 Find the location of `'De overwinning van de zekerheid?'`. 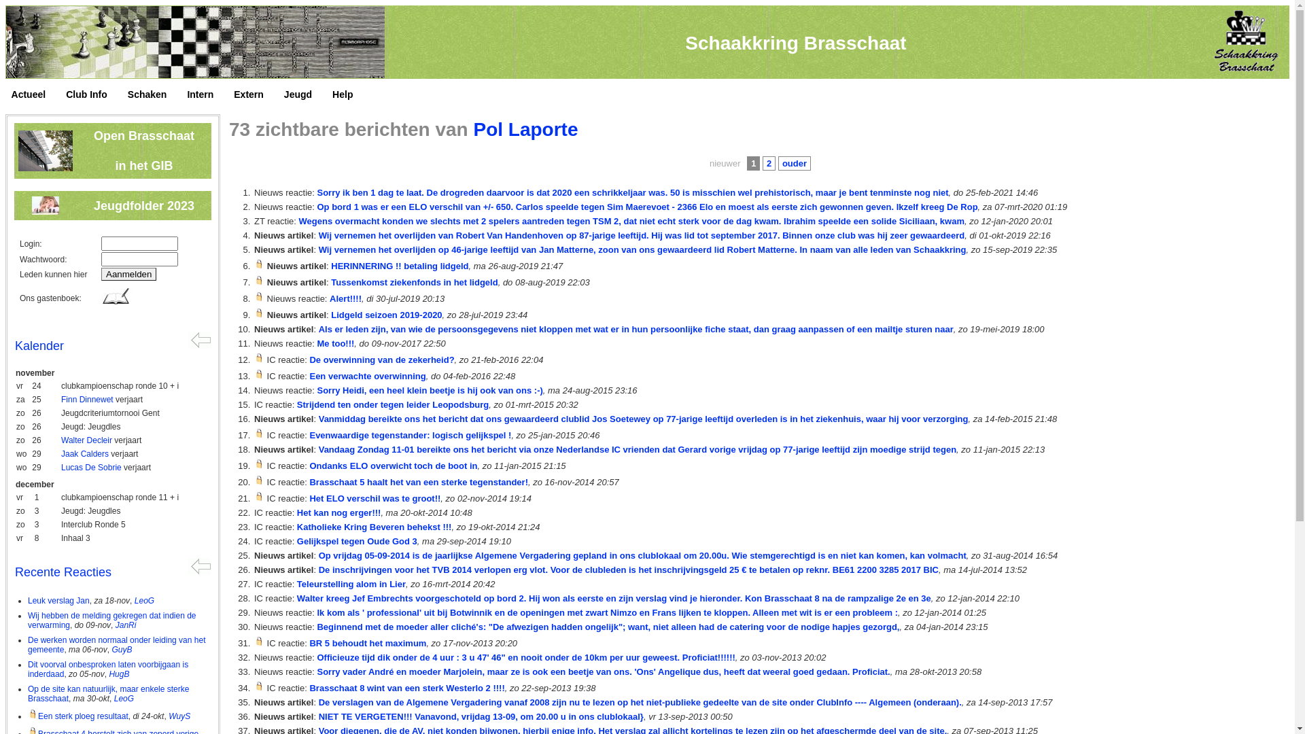

'De overwinning van de zekerheid?' is located at coordinates (381, 359).